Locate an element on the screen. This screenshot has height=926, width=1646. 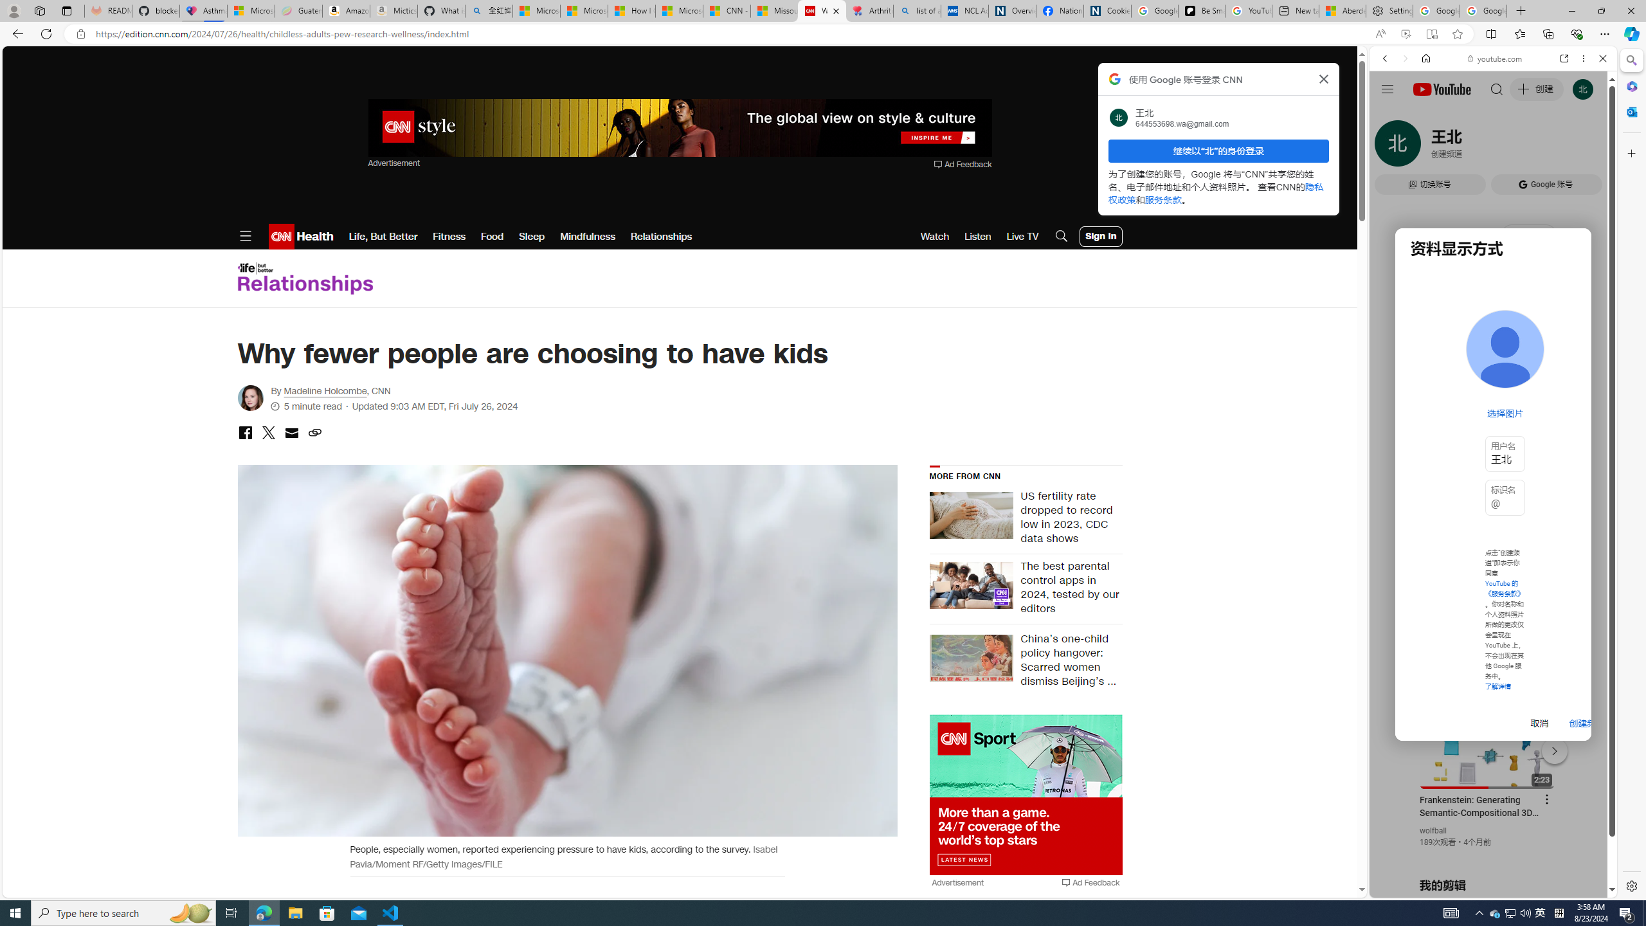
'Show More Music' is located at coordinates (1571, 350).